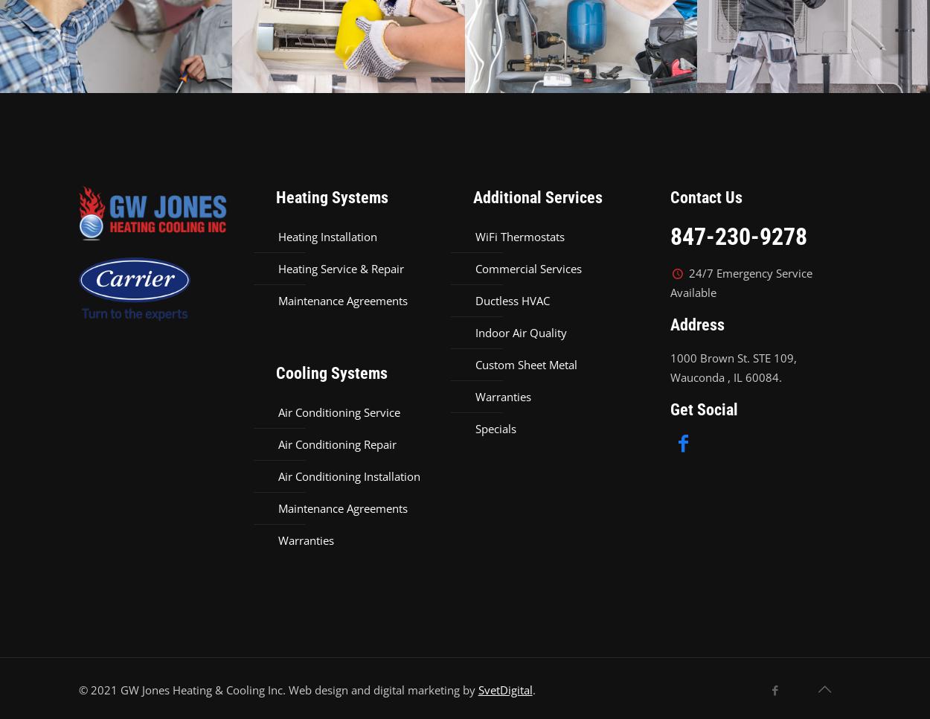  Describe the element at coordinates (338, 412) in the screenshot. I see `'Air Conditioning Service'` at that location.